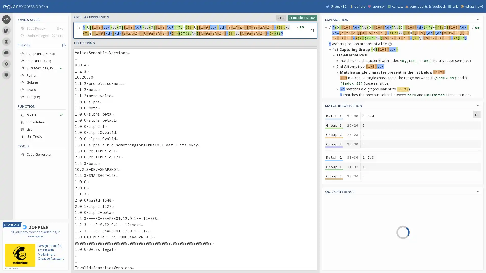 The height and width of the screenshot is (273, 486). Describe the element at coordinates (334, 66) in the screenshot. I see `Collapse Subtree` at that location.